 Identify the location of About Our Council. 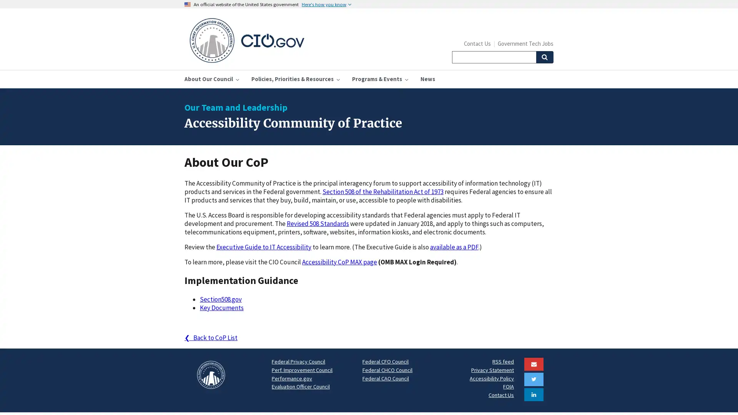
(212, 79).